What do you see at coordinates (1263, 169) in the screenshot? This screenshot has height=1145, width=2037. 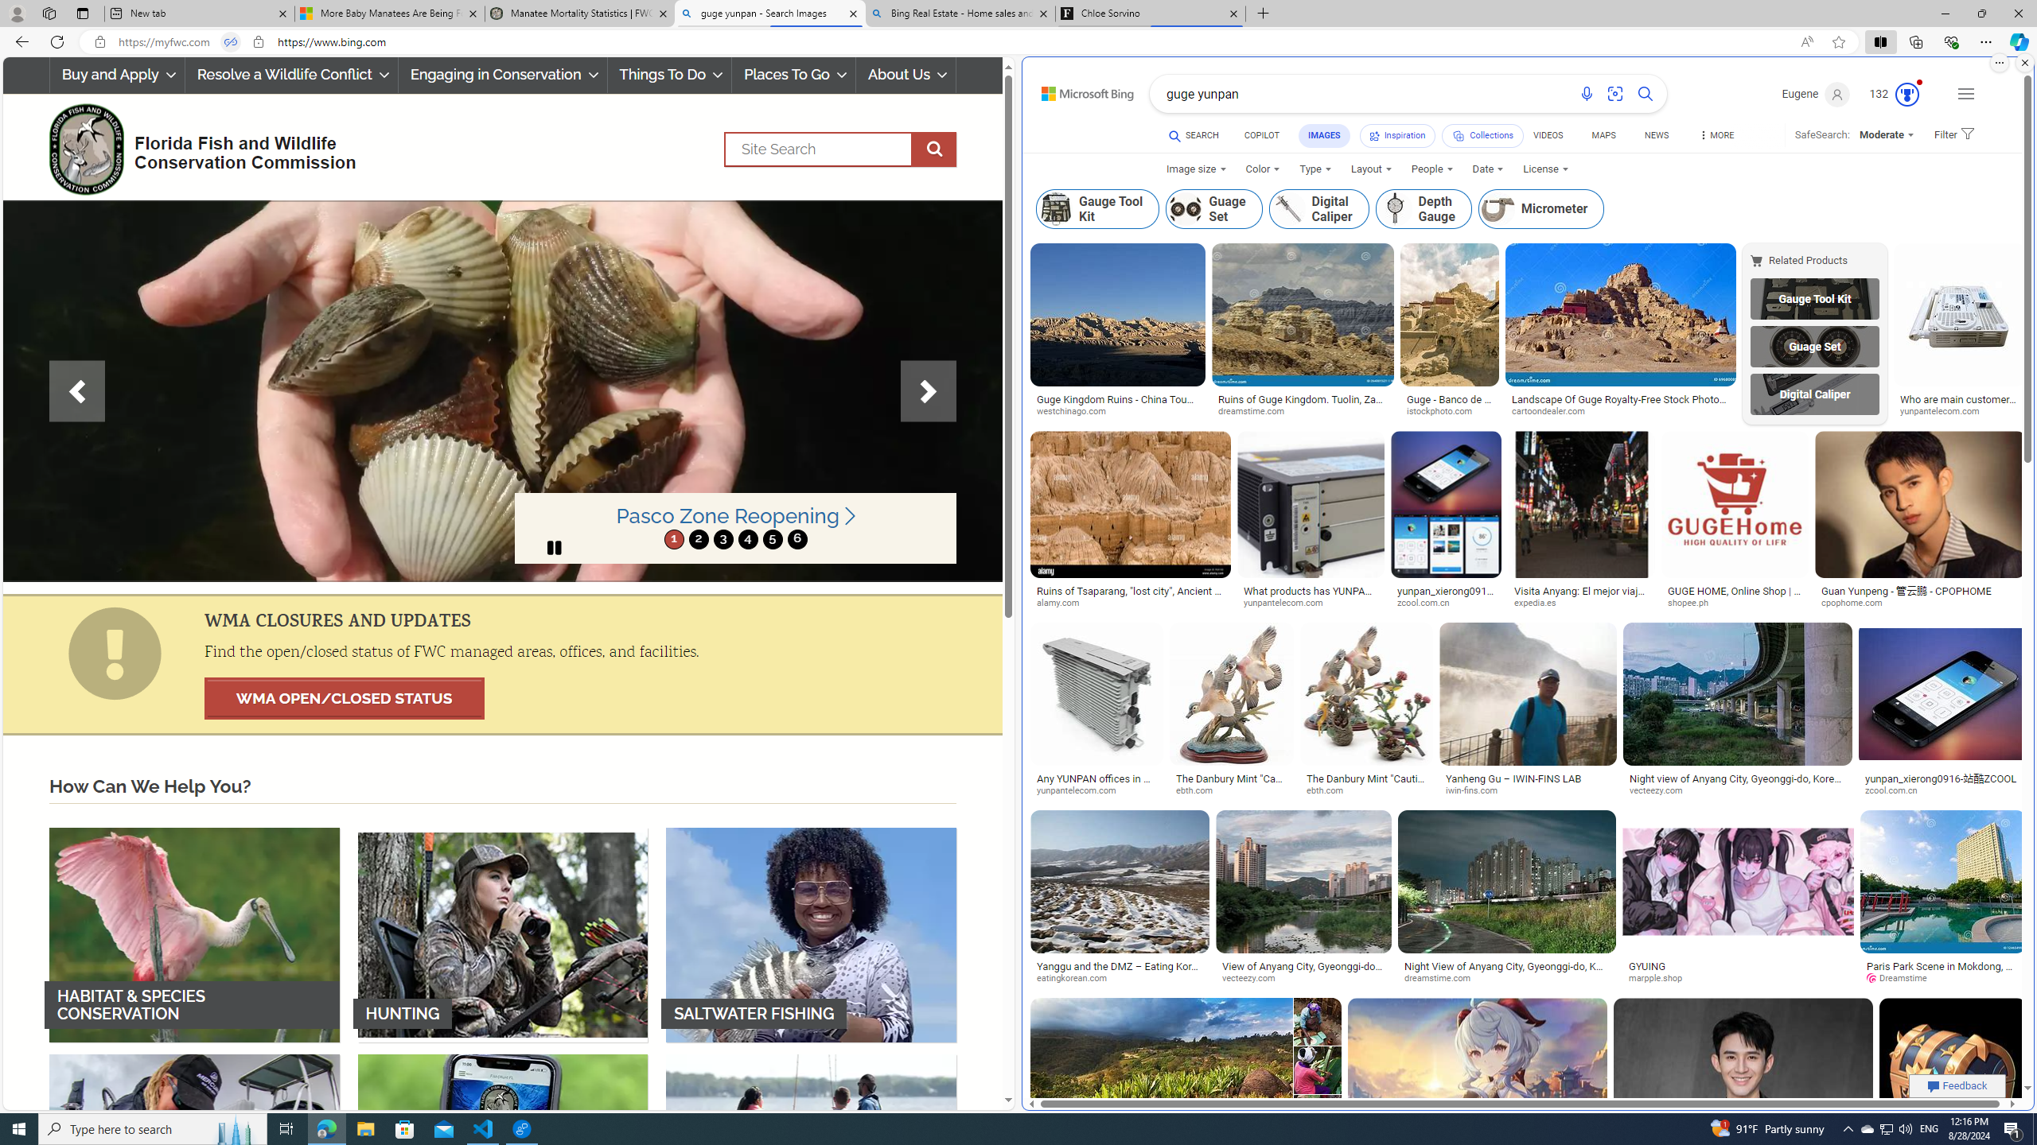 I see `'Color'` at bounding box center [1263, 169].